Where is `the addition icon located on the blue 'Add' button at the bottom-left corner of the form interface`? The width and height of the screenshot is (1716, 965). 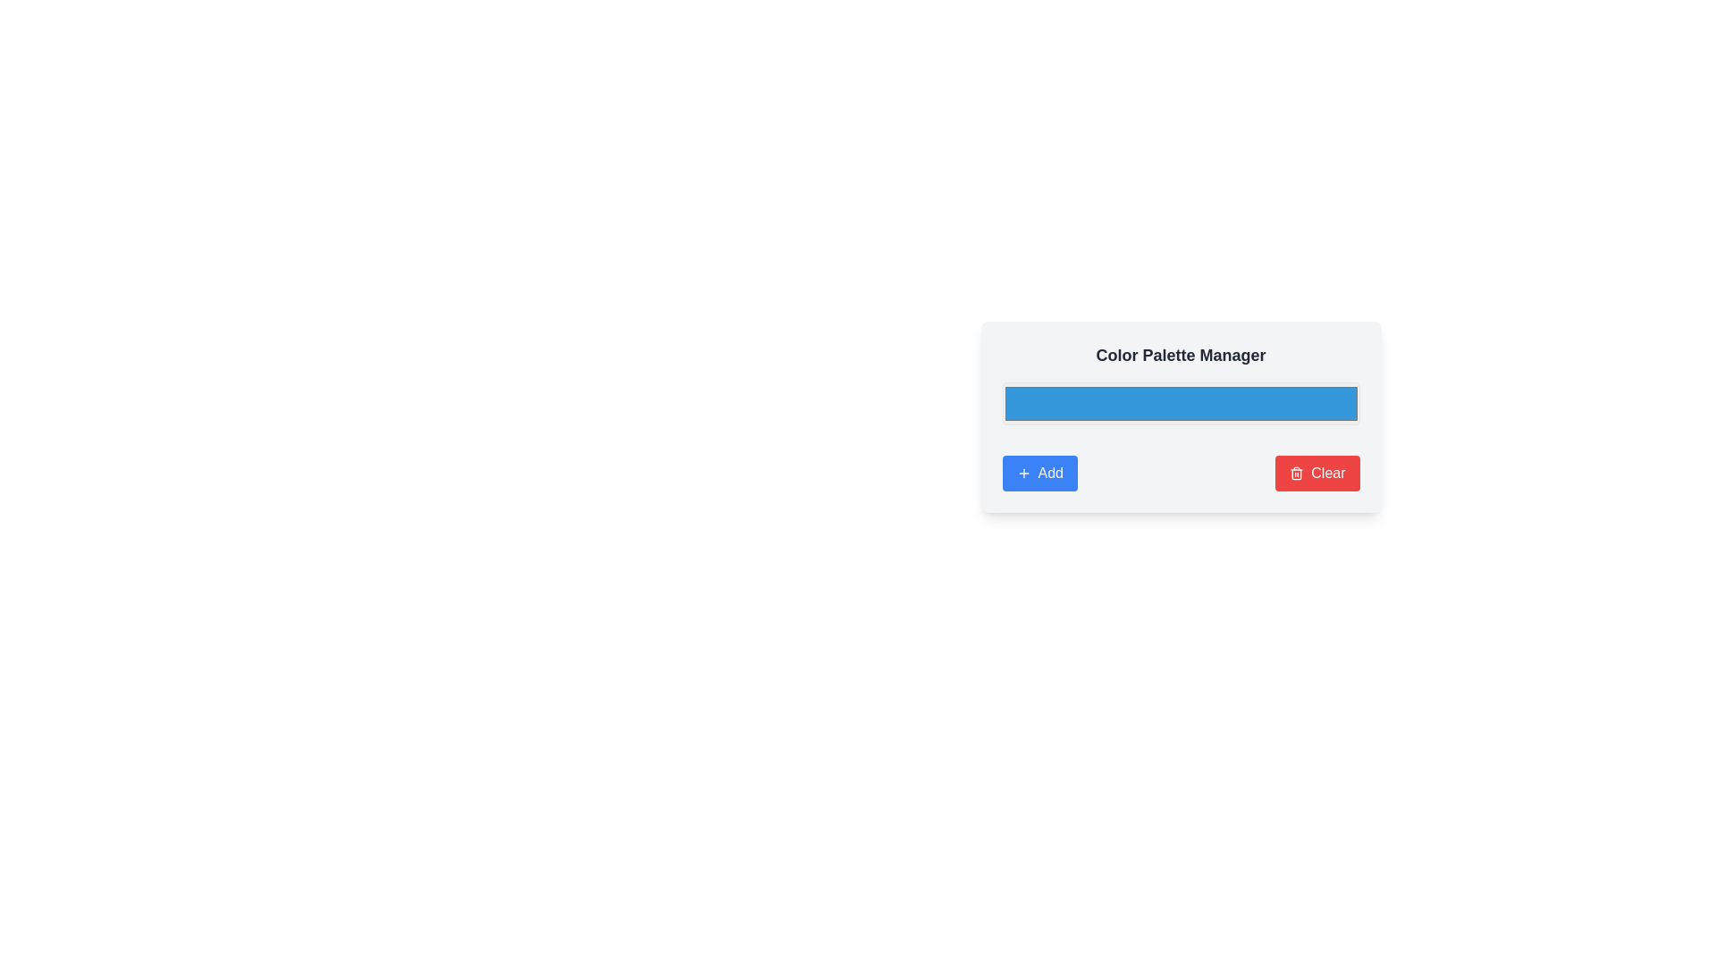
the addition icon located on the blue 'Add' button at the bottom-left corner of the form interface is located at coordinates (1023, 472).